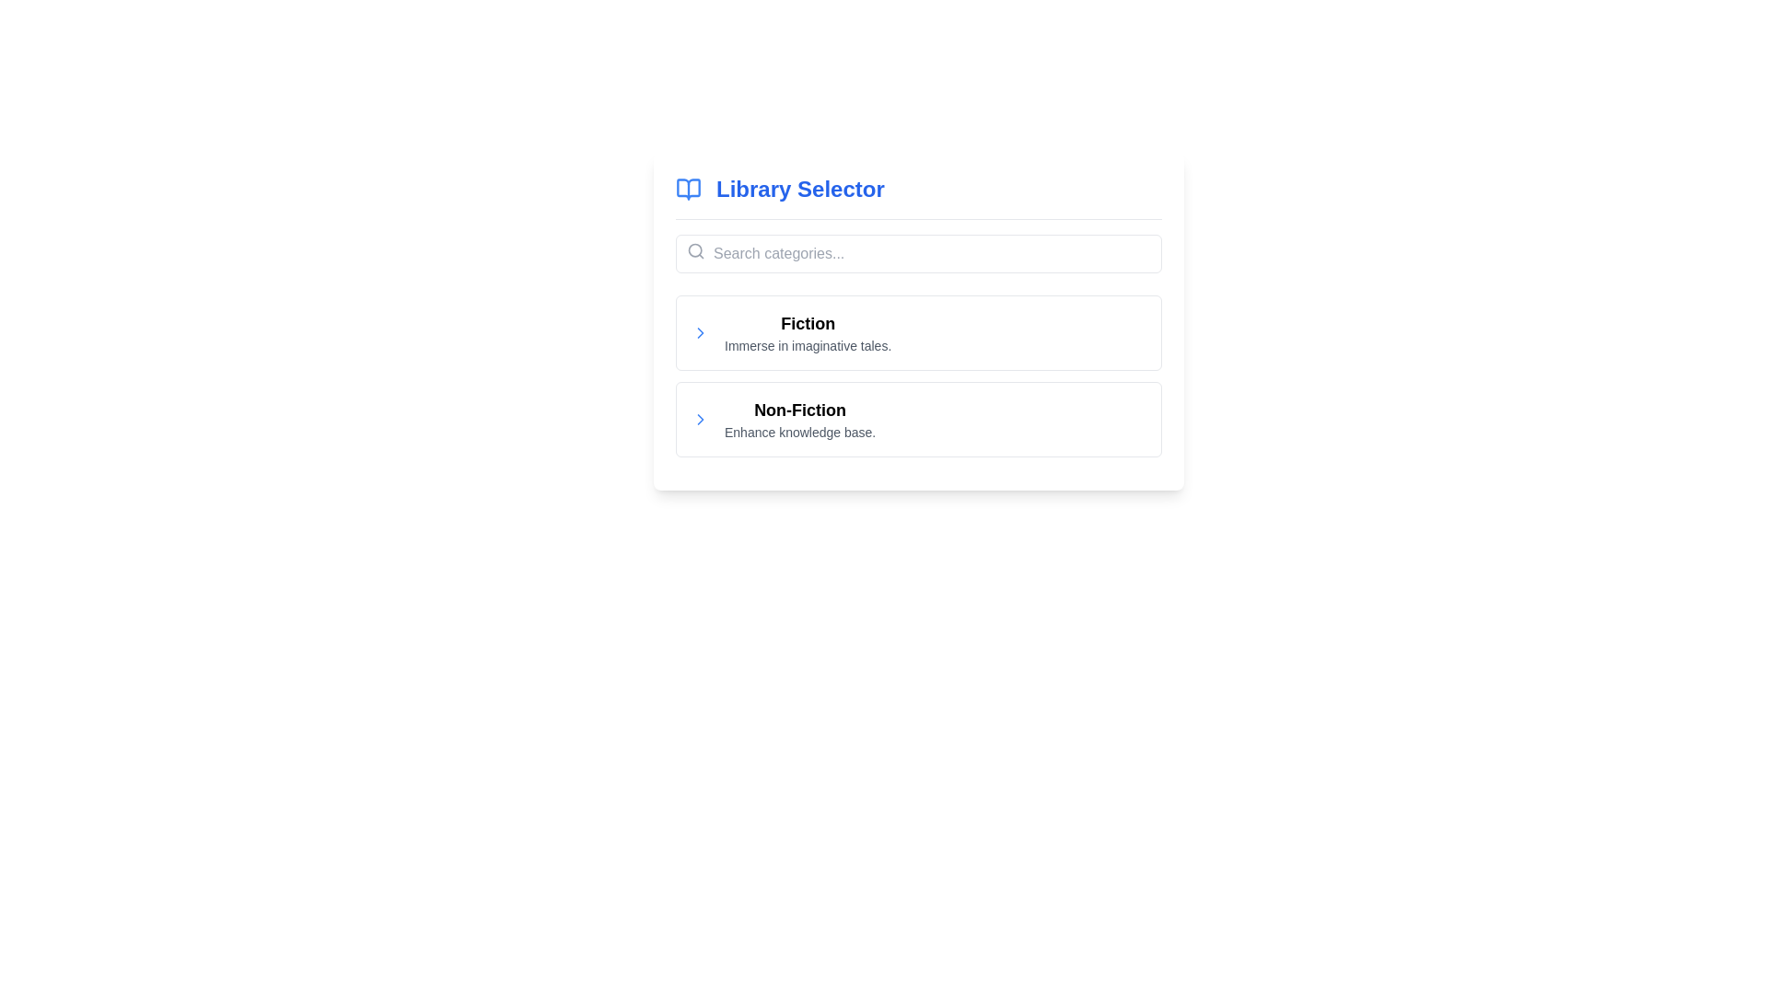 The height and width of the screenshot is (994, 1768). Describe the element at coordinates (800, 419) in the screenshot. I see `the 'Non-Fiction' category item in the selectable list to navigate or expand its content` at that location.